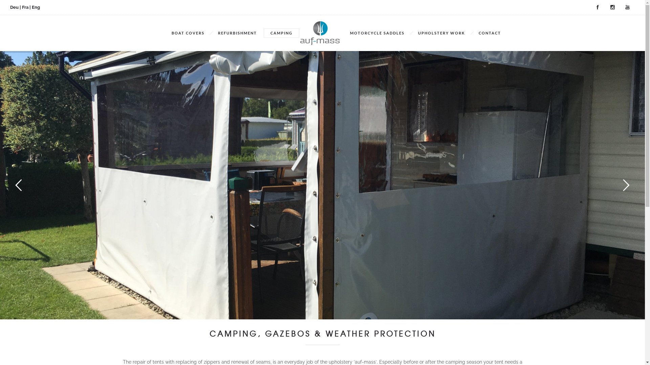  What do you see at coordinates (237, 33) in the screenshot?
I see `'REFURBISHMENT'` at bounding box center [237, 33].